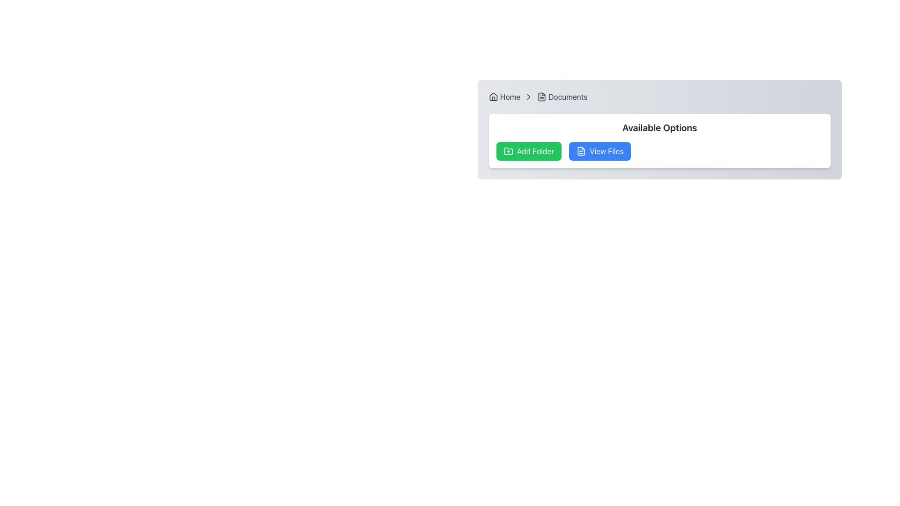 The width and height of the screenshot is (900, 506). What do you see at coordinates (508, 150) in the screenshot?
I see `the green 'Add Folder' button which features a folder-shaped icon and is labeled 'Add Folder'` at bounding box center [508, 150].